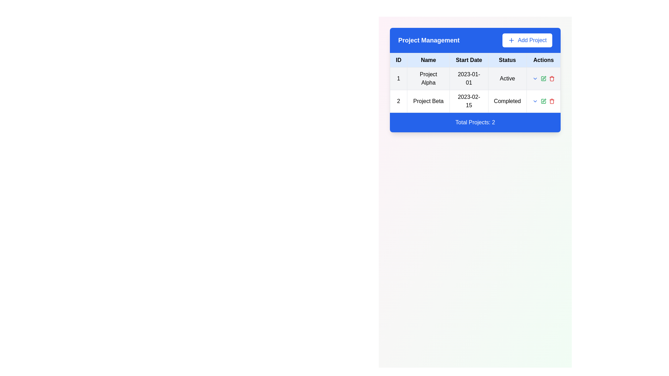 This screenshot has width=669, height=376. Describe the element at coordinates (552, 101) in the screenshot. I see `the delete button located in the 'Actions' column for the second row of the table` at that location.